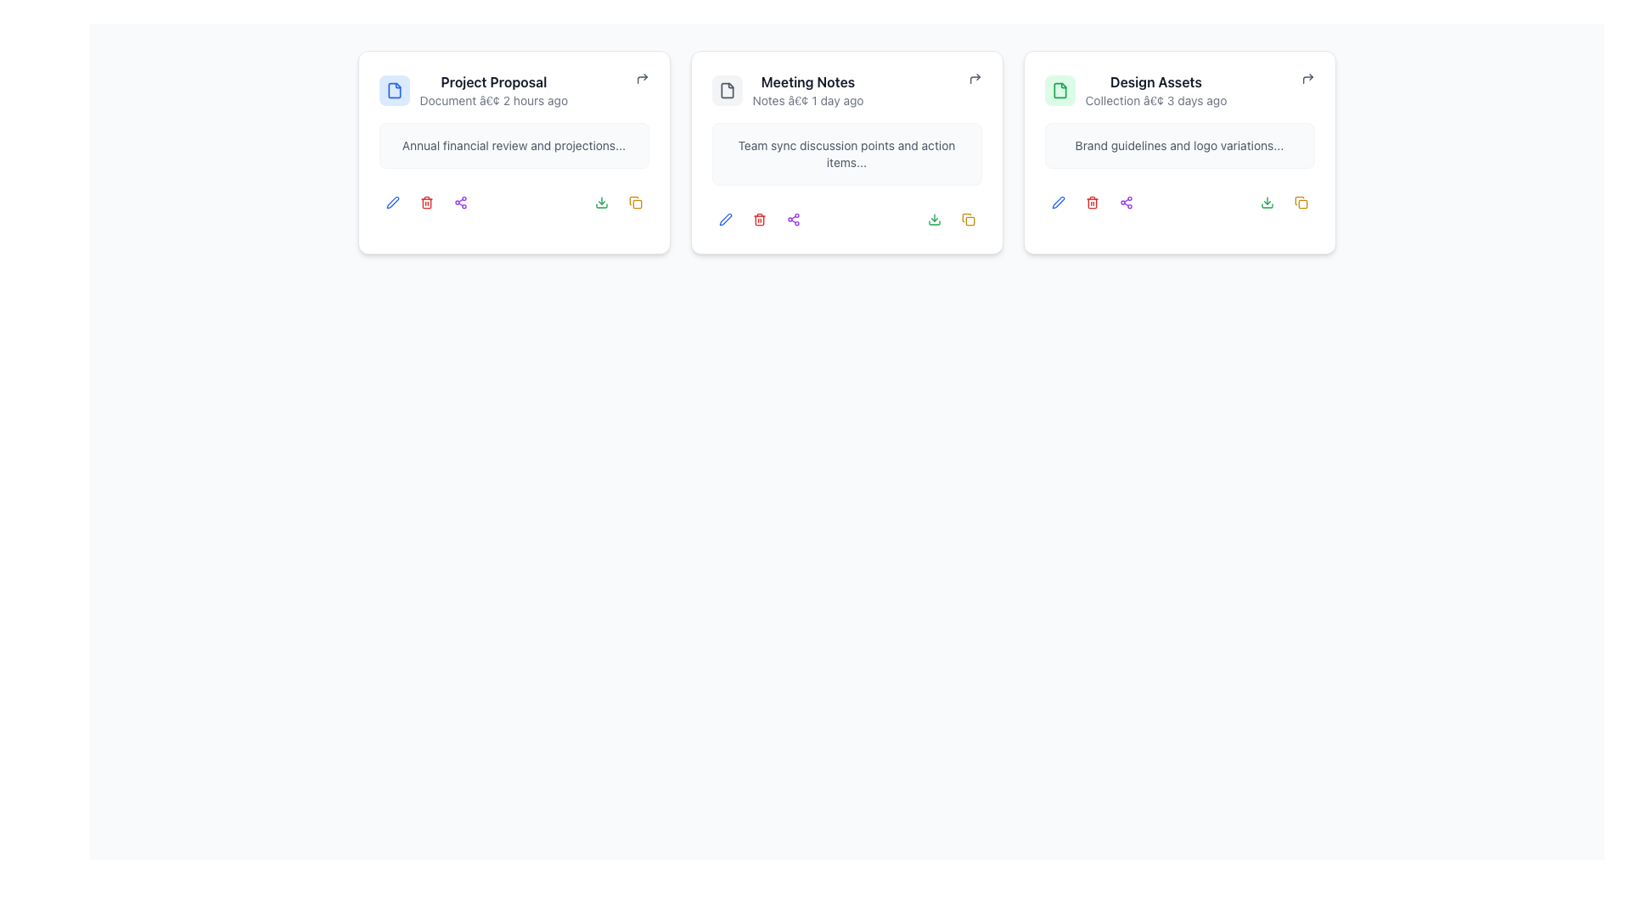 Image resolution: width=1630 pixels, height=916 pixels. Describe the element at coordinates (807, 91) in the screenshot. I see `the text header and subtitle combination that serves as the header for its card, located in the center card of a horizontal row of three cards, positioned near the top section above a descriptive sentence and below a small document icon` at that location.